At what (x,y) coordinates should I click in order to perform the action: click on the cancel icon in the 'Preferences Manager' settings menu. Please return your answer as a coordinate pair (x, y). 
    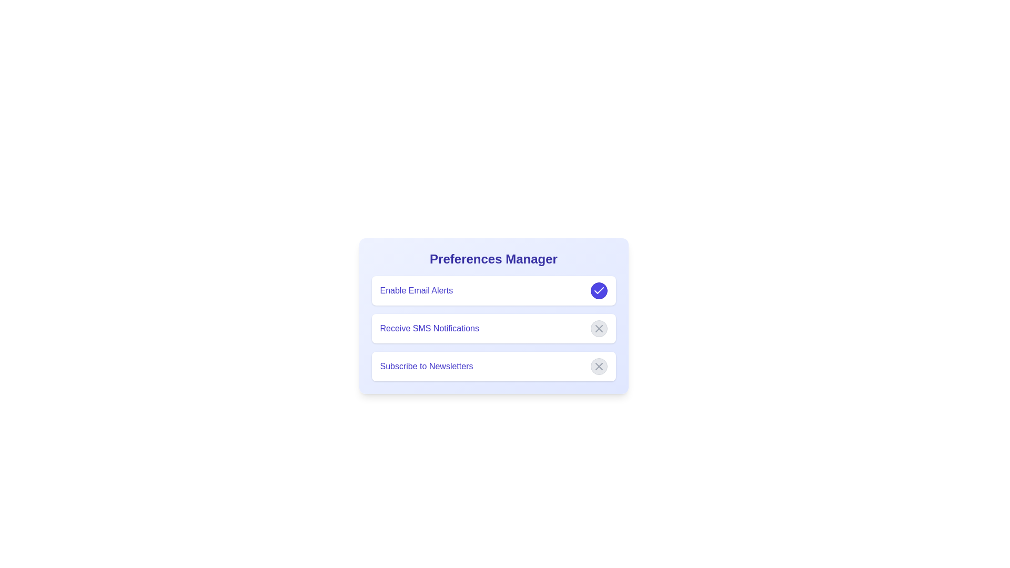
    Looking at the image, I should click on (599, 328).